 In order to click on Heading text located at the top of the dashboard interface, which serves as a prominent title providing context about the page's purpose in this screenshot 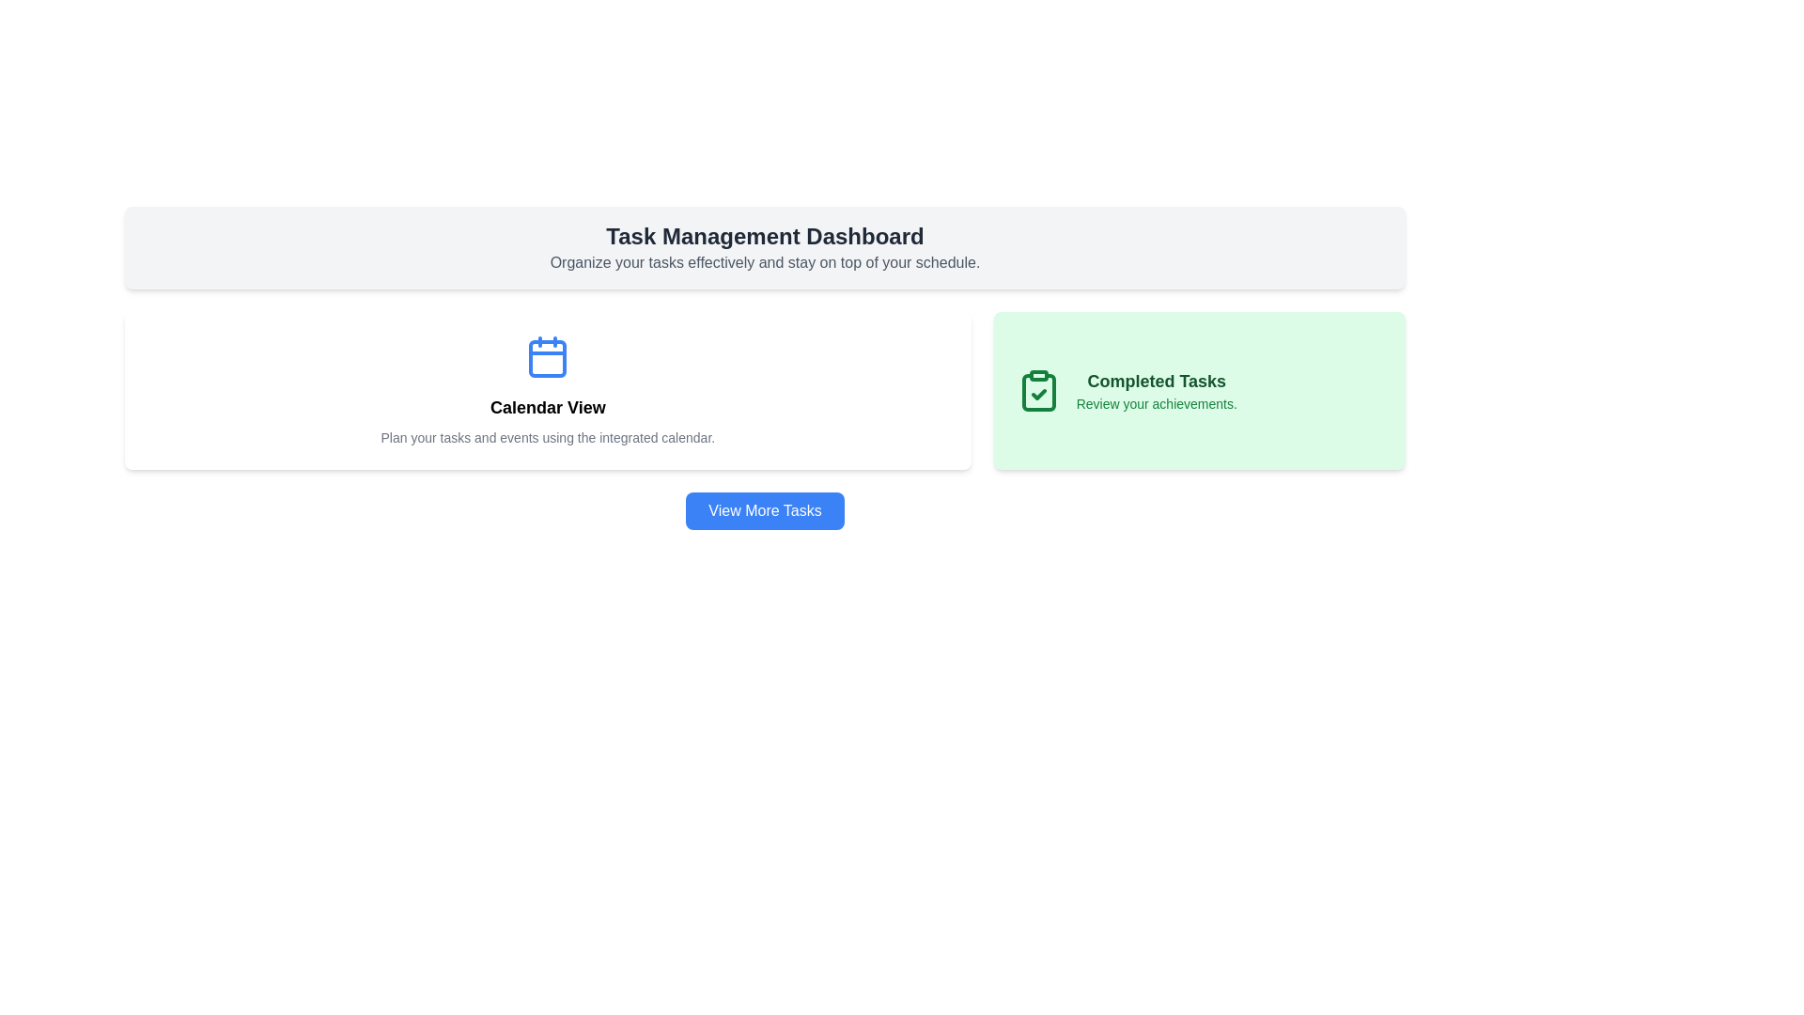, I will do `click(765, 235)`.